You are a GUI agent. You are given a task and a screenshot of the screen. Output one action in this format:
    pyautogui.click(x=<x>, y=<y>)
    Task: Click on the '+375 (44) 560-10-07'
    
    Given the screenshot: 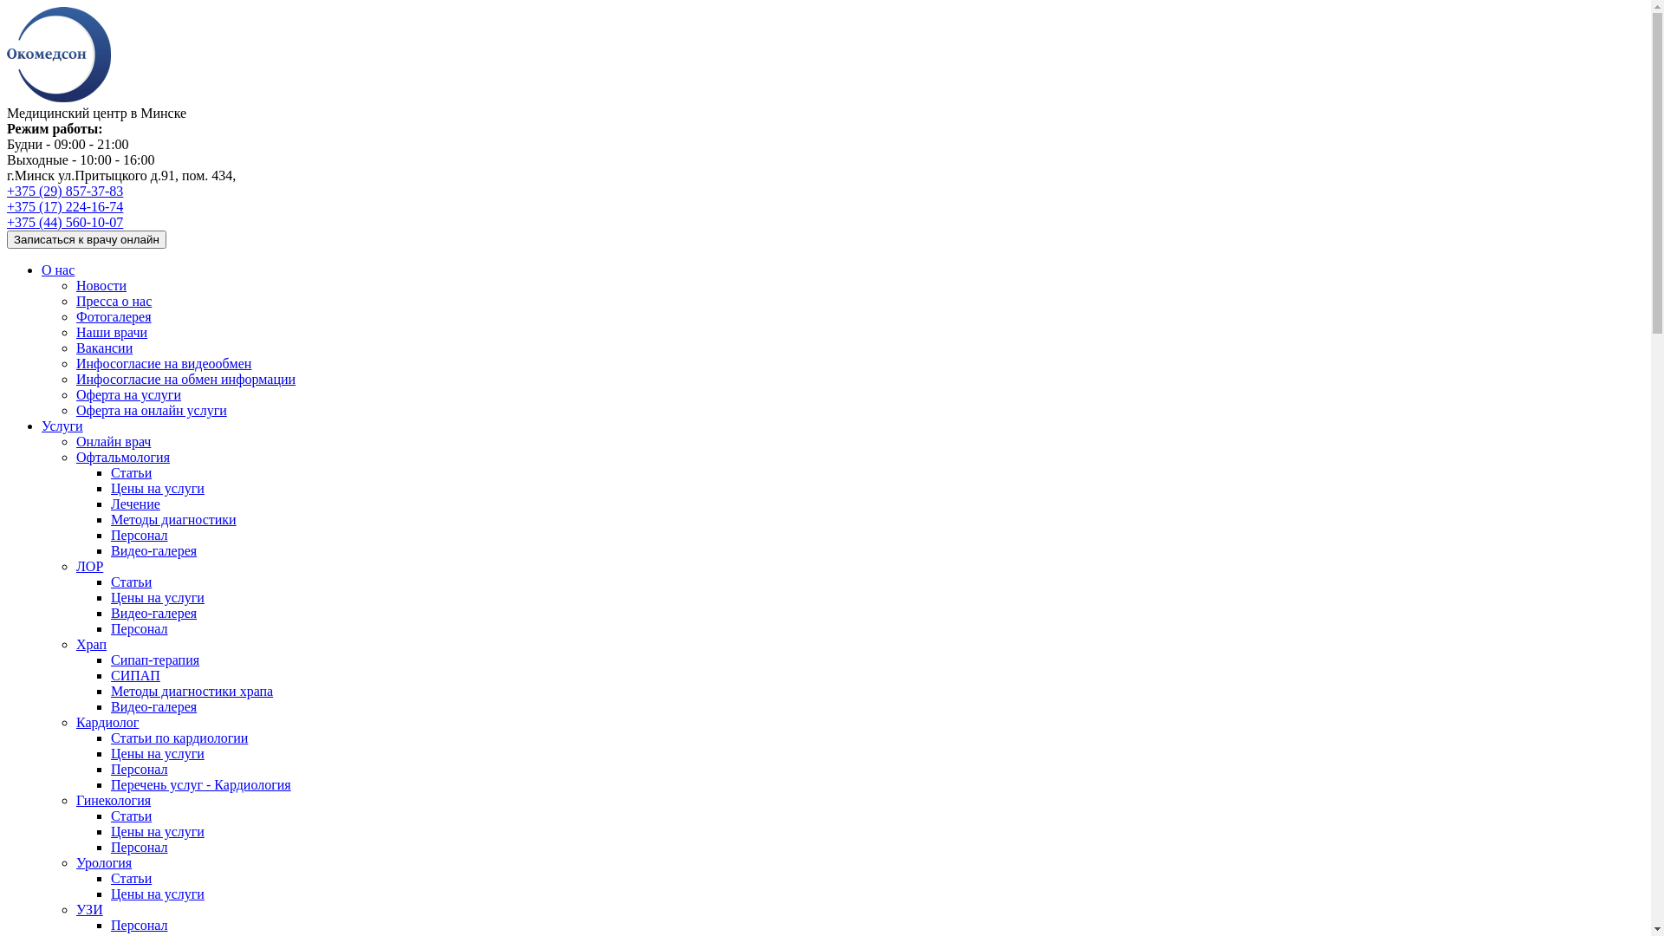 What is the action you would take?
    pyautogui.click(x=65, y=221)
    